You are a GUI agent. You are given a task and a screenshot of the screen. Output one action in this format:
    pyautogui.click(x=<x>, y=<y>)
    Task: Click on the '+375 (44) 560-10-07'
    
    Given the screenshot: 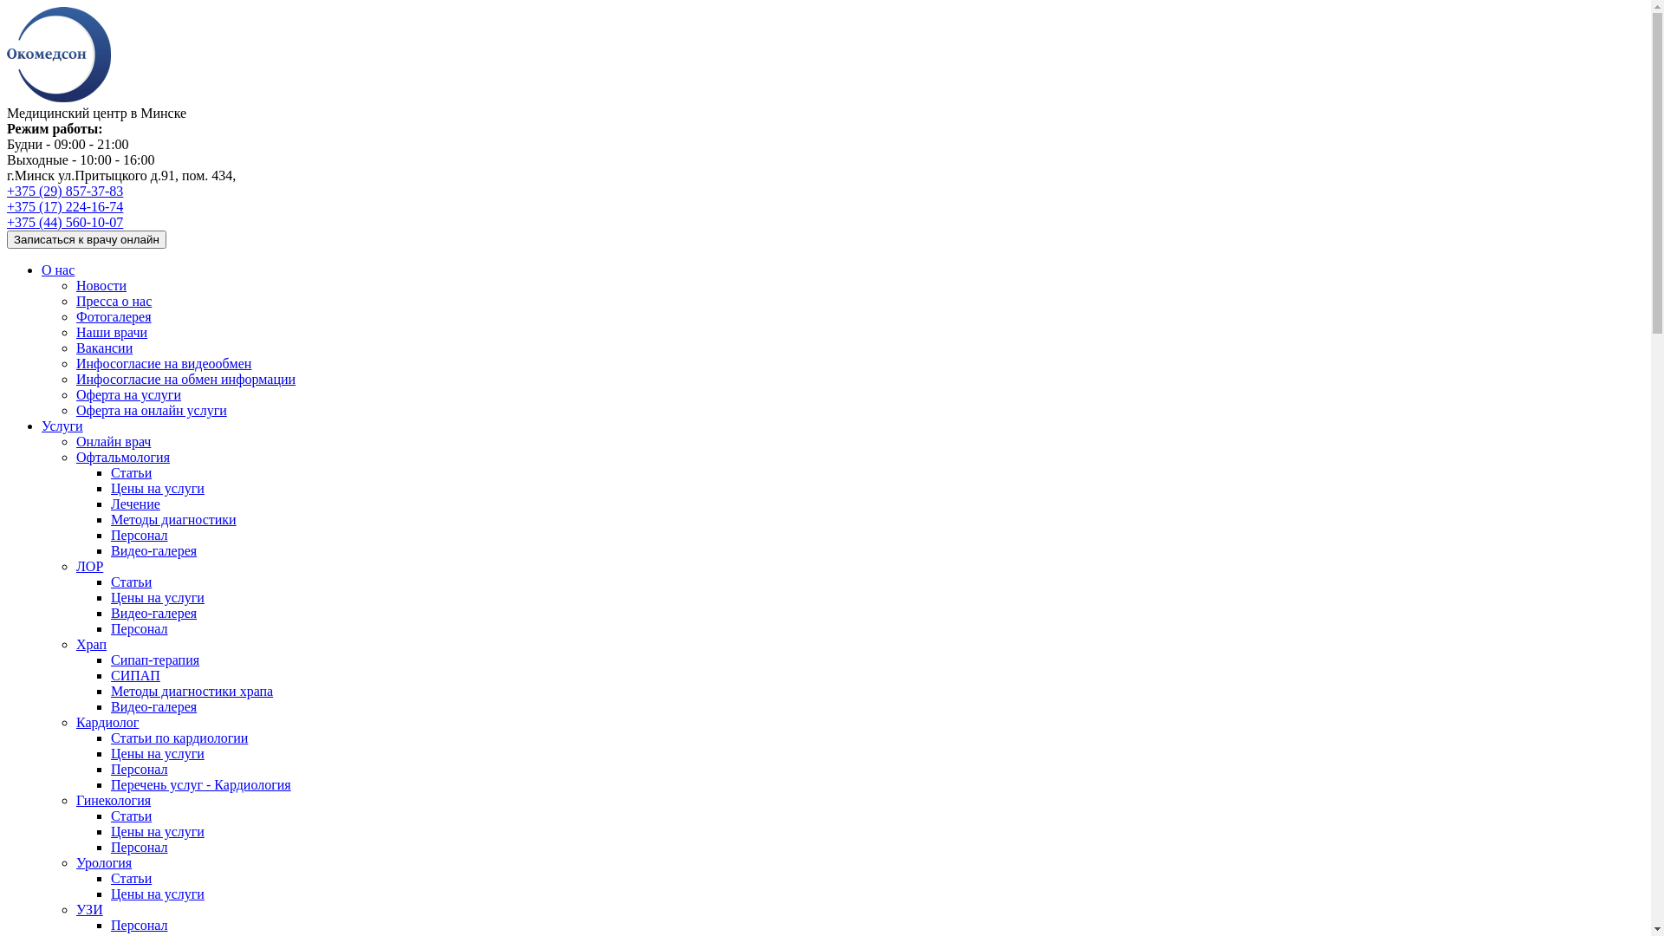 What is the action you would take?
    pyautogui.click(x=65, y=221)
    